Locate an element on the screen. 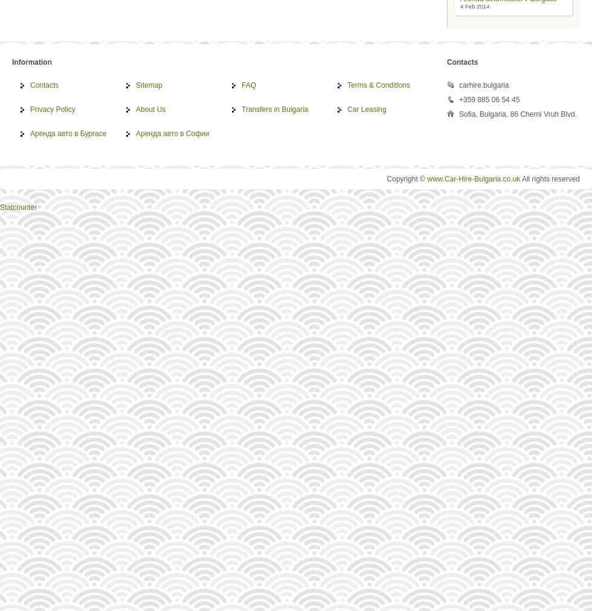  'carhire.bulgaria' is located at coordinates (483, 84).